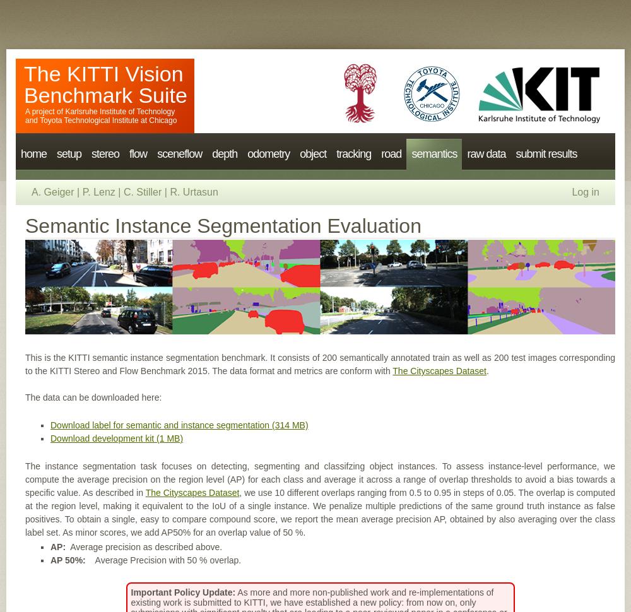 This screenshot has width=631, height=612. What do you see at coordinates (148, 195) in the screenshot?
I see `'Flow 2015'` at bounding box center [148, 195].